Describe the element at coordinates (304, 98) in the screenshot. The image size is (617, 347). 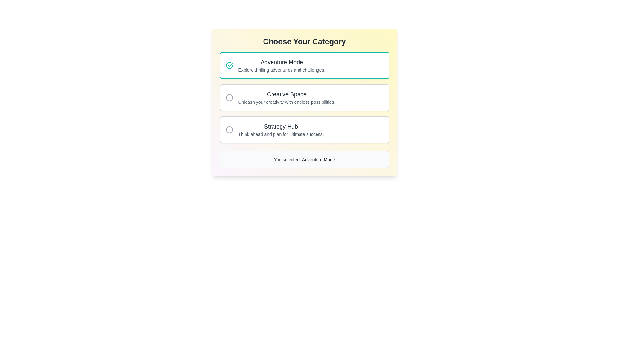
I see `the 'Creative Space' selectable button, which is the middle option in a group of three` at that location.